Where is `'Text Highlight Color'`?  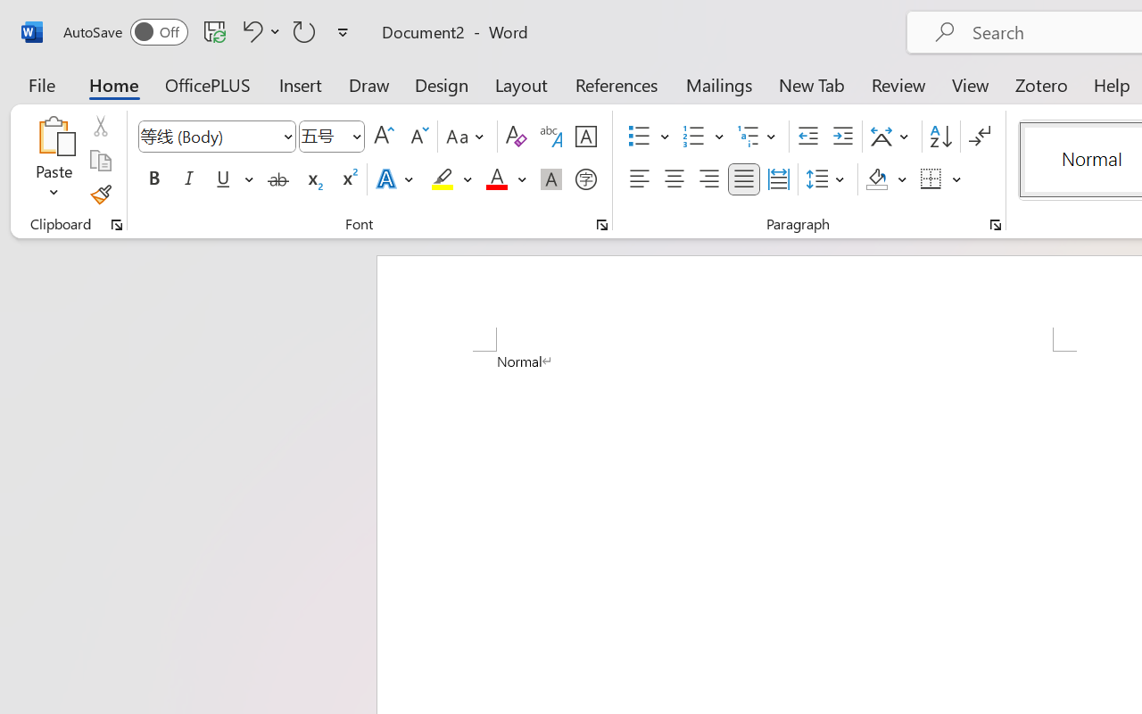
'Text Highlight Color' is located at coordinates (451, 179).